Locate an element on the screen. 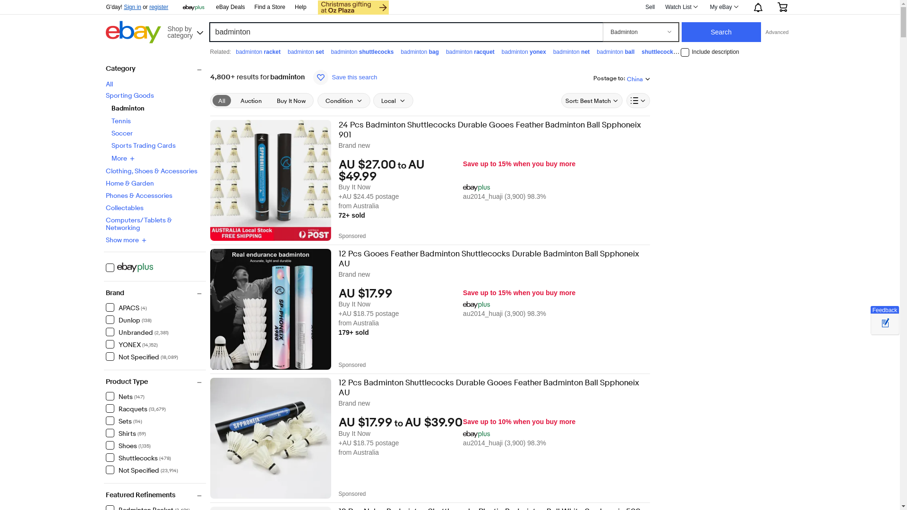  'Show more' is located at coordinates (126, 240).